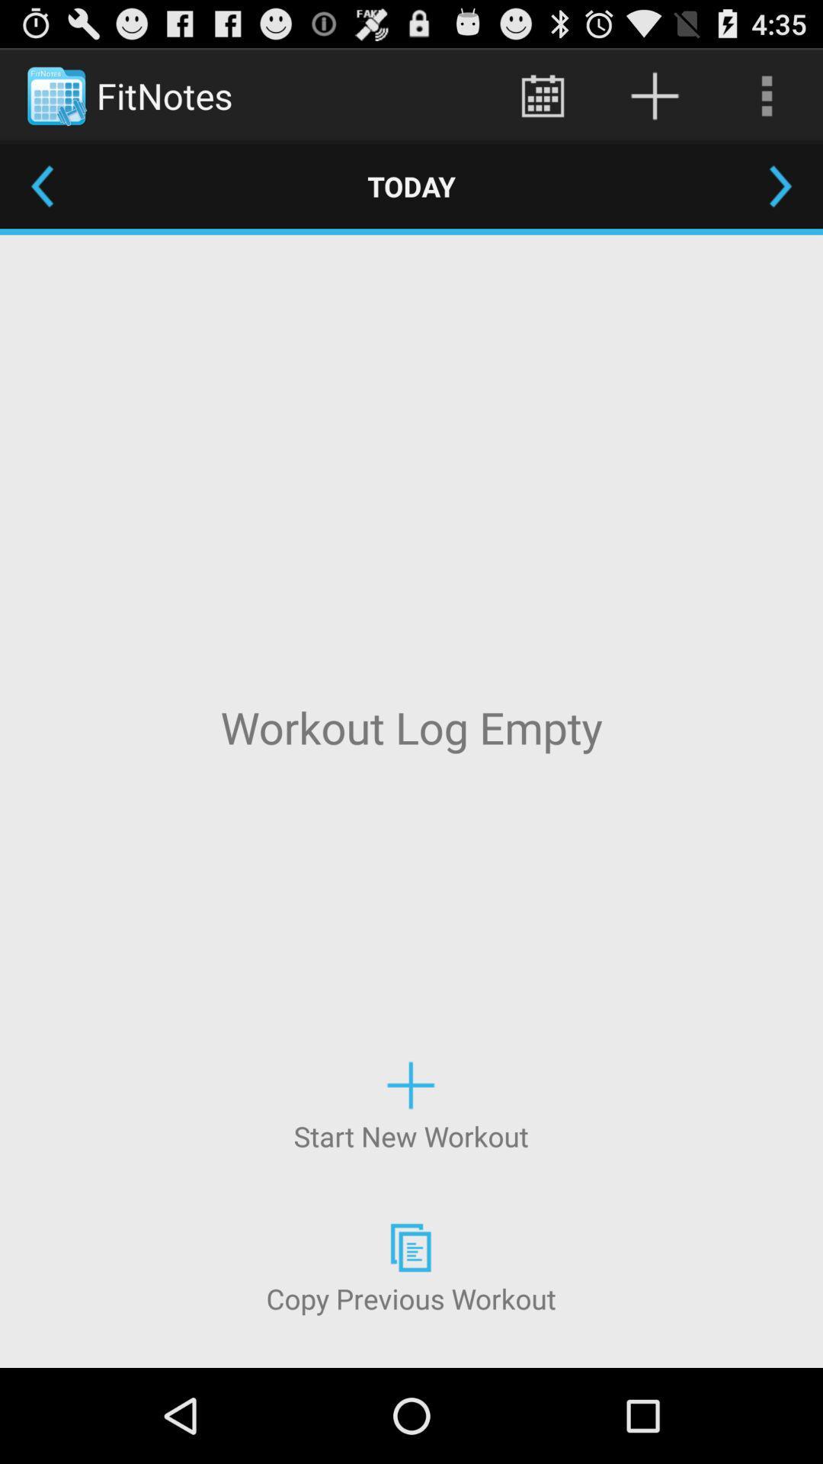  Describe the element at coordinates (41, 198) in the screenshot. I see `the arrow_backward icon` at that location.